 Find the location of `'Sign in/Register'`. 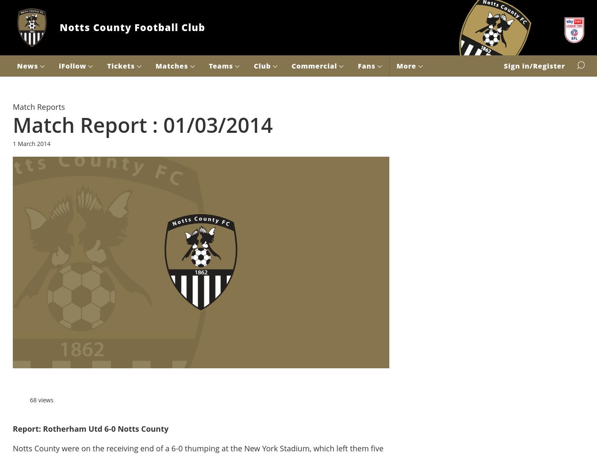

'Sign in/Register' is located at coordinates (534, 65).